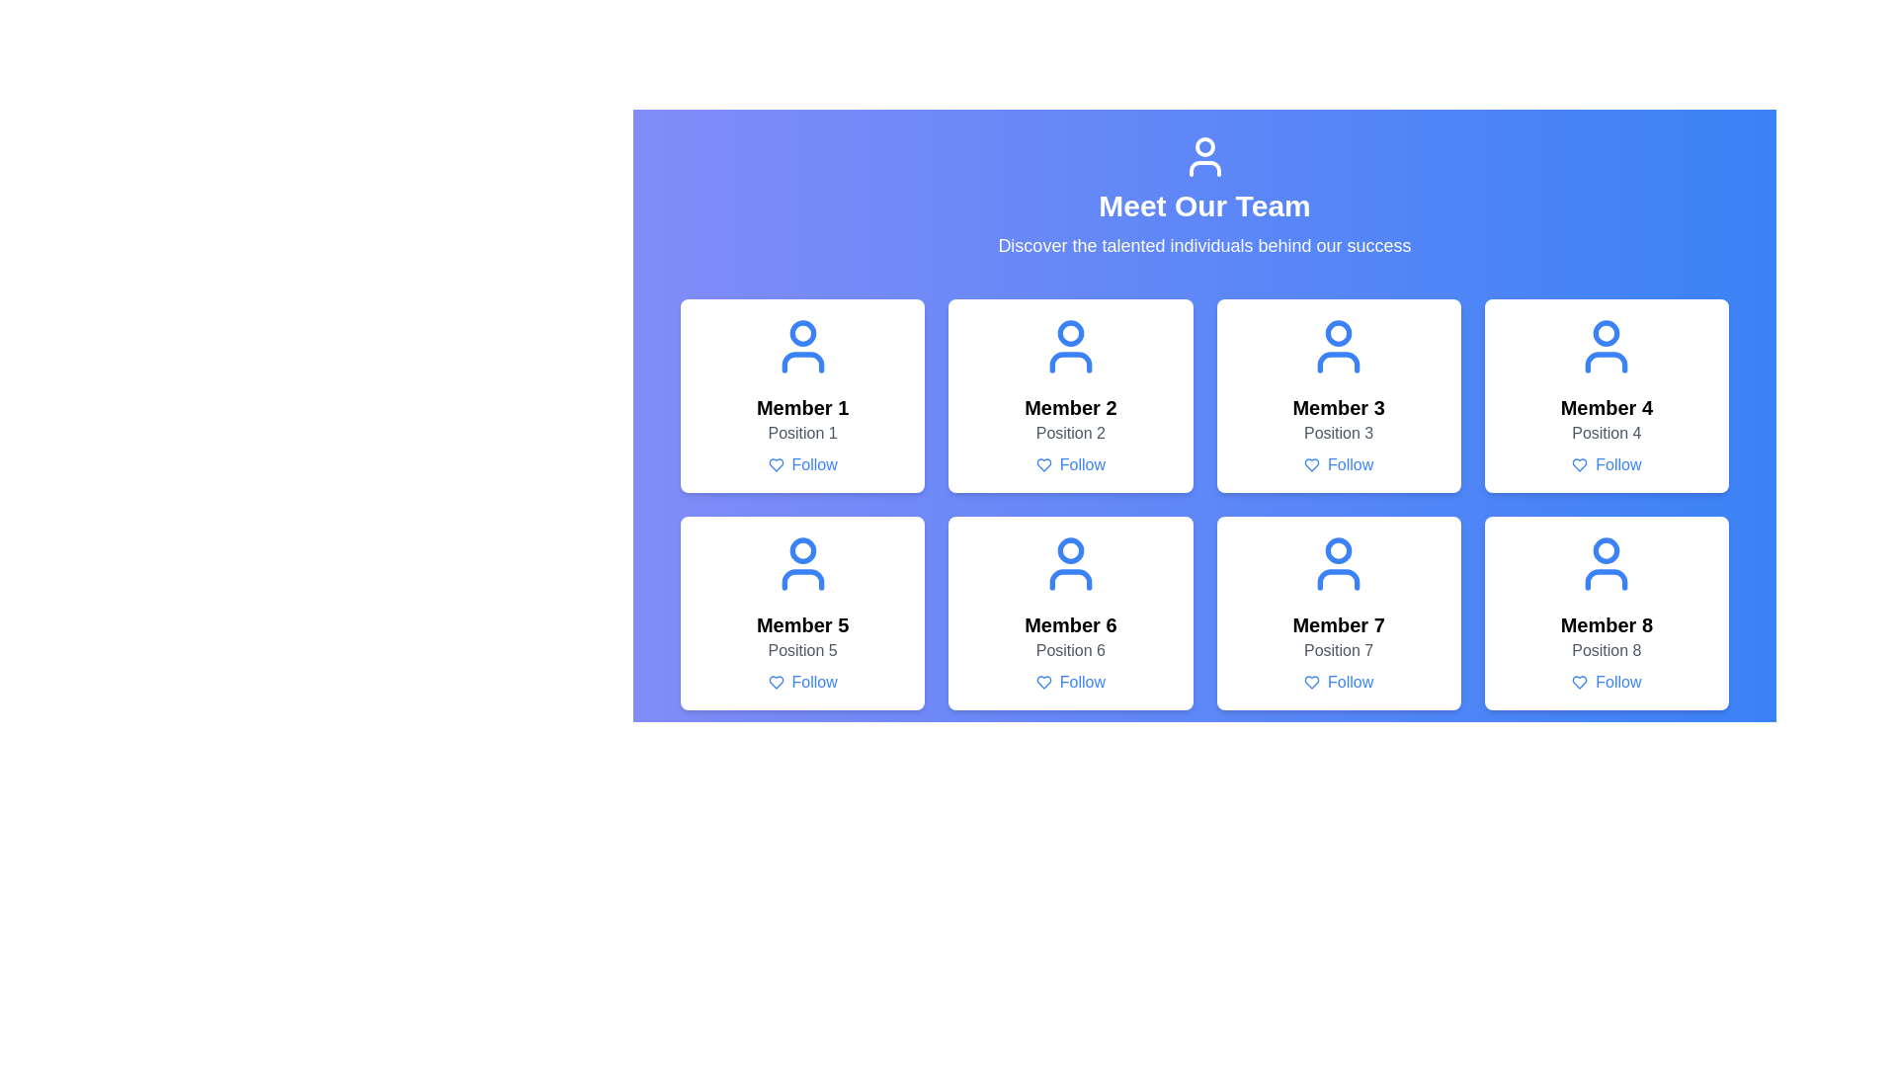  Describe the element at coordinates (1312, 681) in the screenshot. I see `the heart-shaped icon with a thin outline located within the 'Follow' button for 'Member 7'` at that location.